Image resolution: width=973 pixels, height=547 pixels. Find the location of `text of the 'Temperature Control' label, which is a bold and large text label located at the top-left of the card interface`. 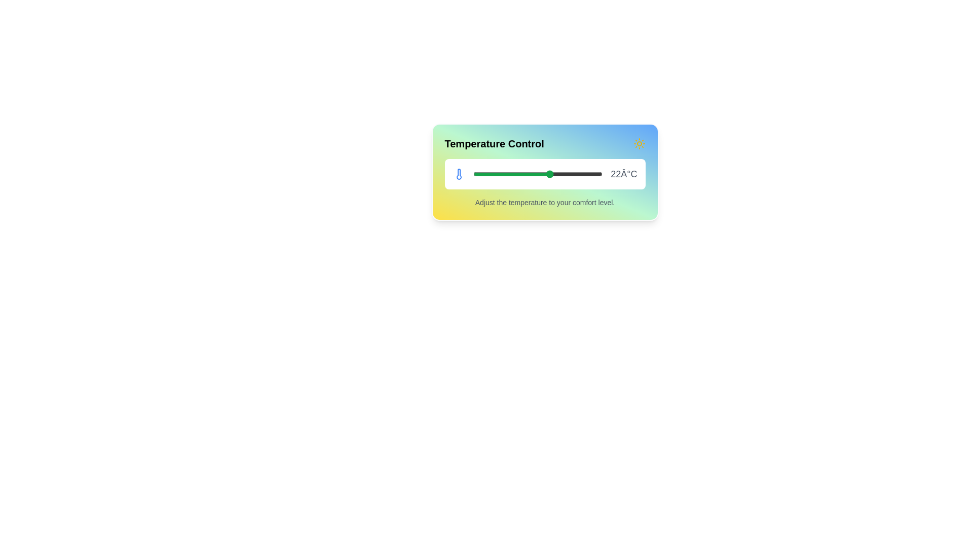

text of the 'Temperature Control' label, which is a bold and large text label located at the top-left of the card interface is located at coordinates (494, 144).